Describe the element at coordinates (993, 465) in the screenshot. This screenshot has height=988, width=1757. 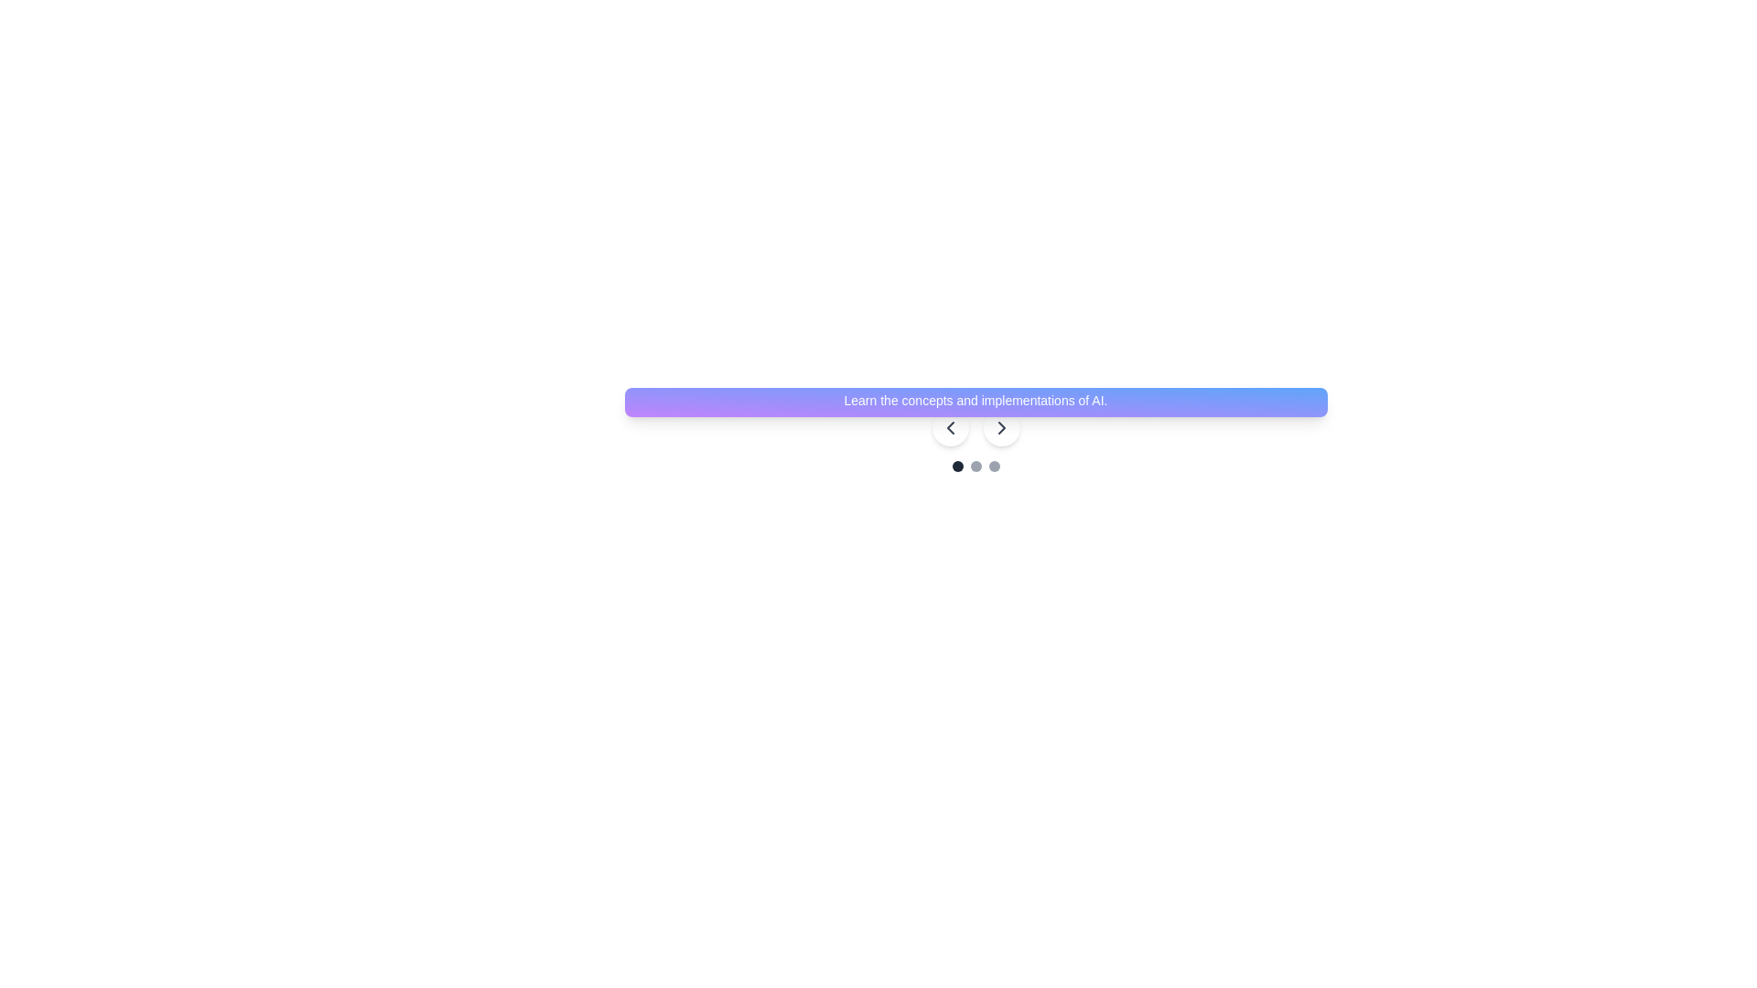
I see `the third circular icon with a gray background located below the gradient-colored banner and near navigation arrows` at that location.